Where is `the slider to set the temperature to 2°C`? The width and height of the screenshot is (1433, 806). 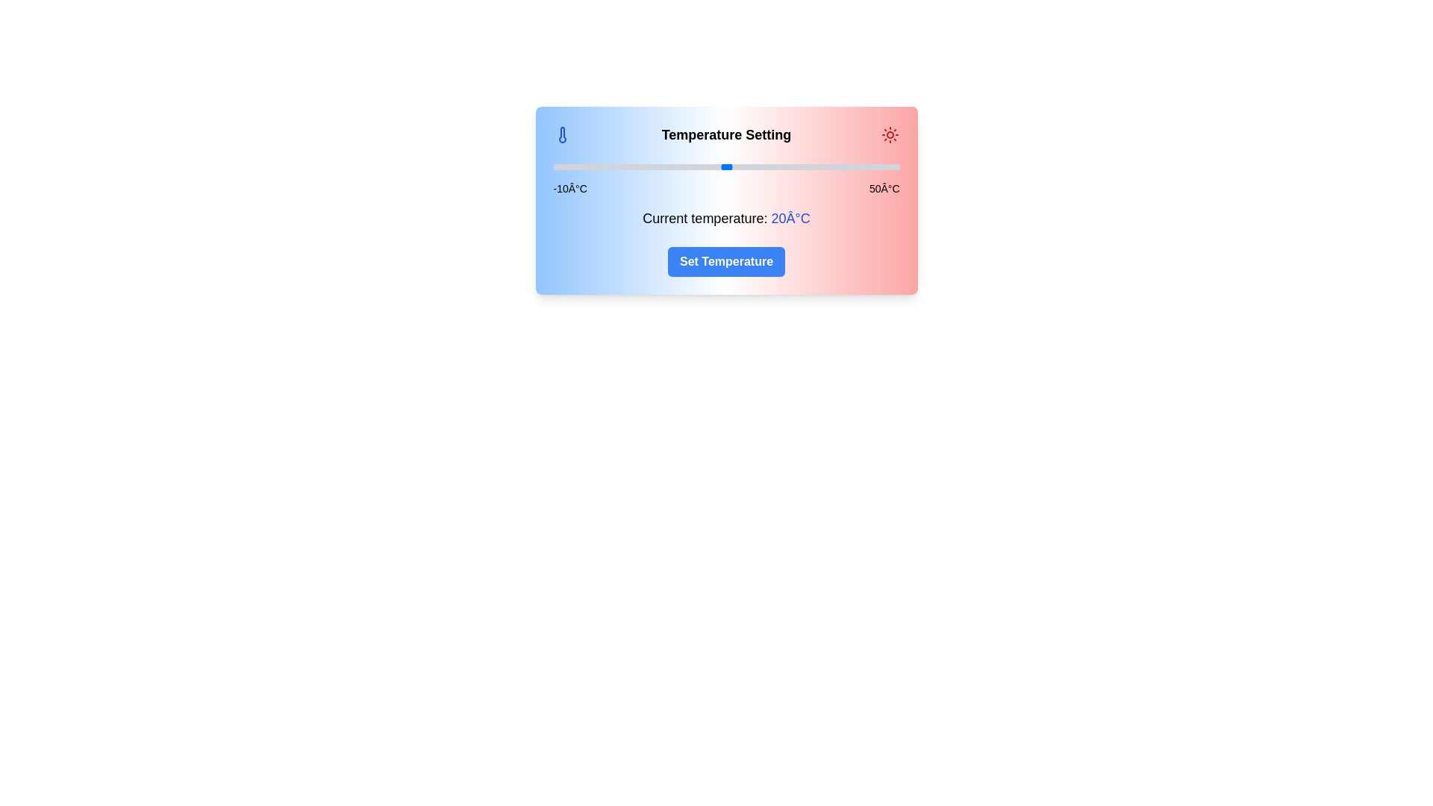
the slider to set the temperature to 2°C is located at coordinates (622, 166).